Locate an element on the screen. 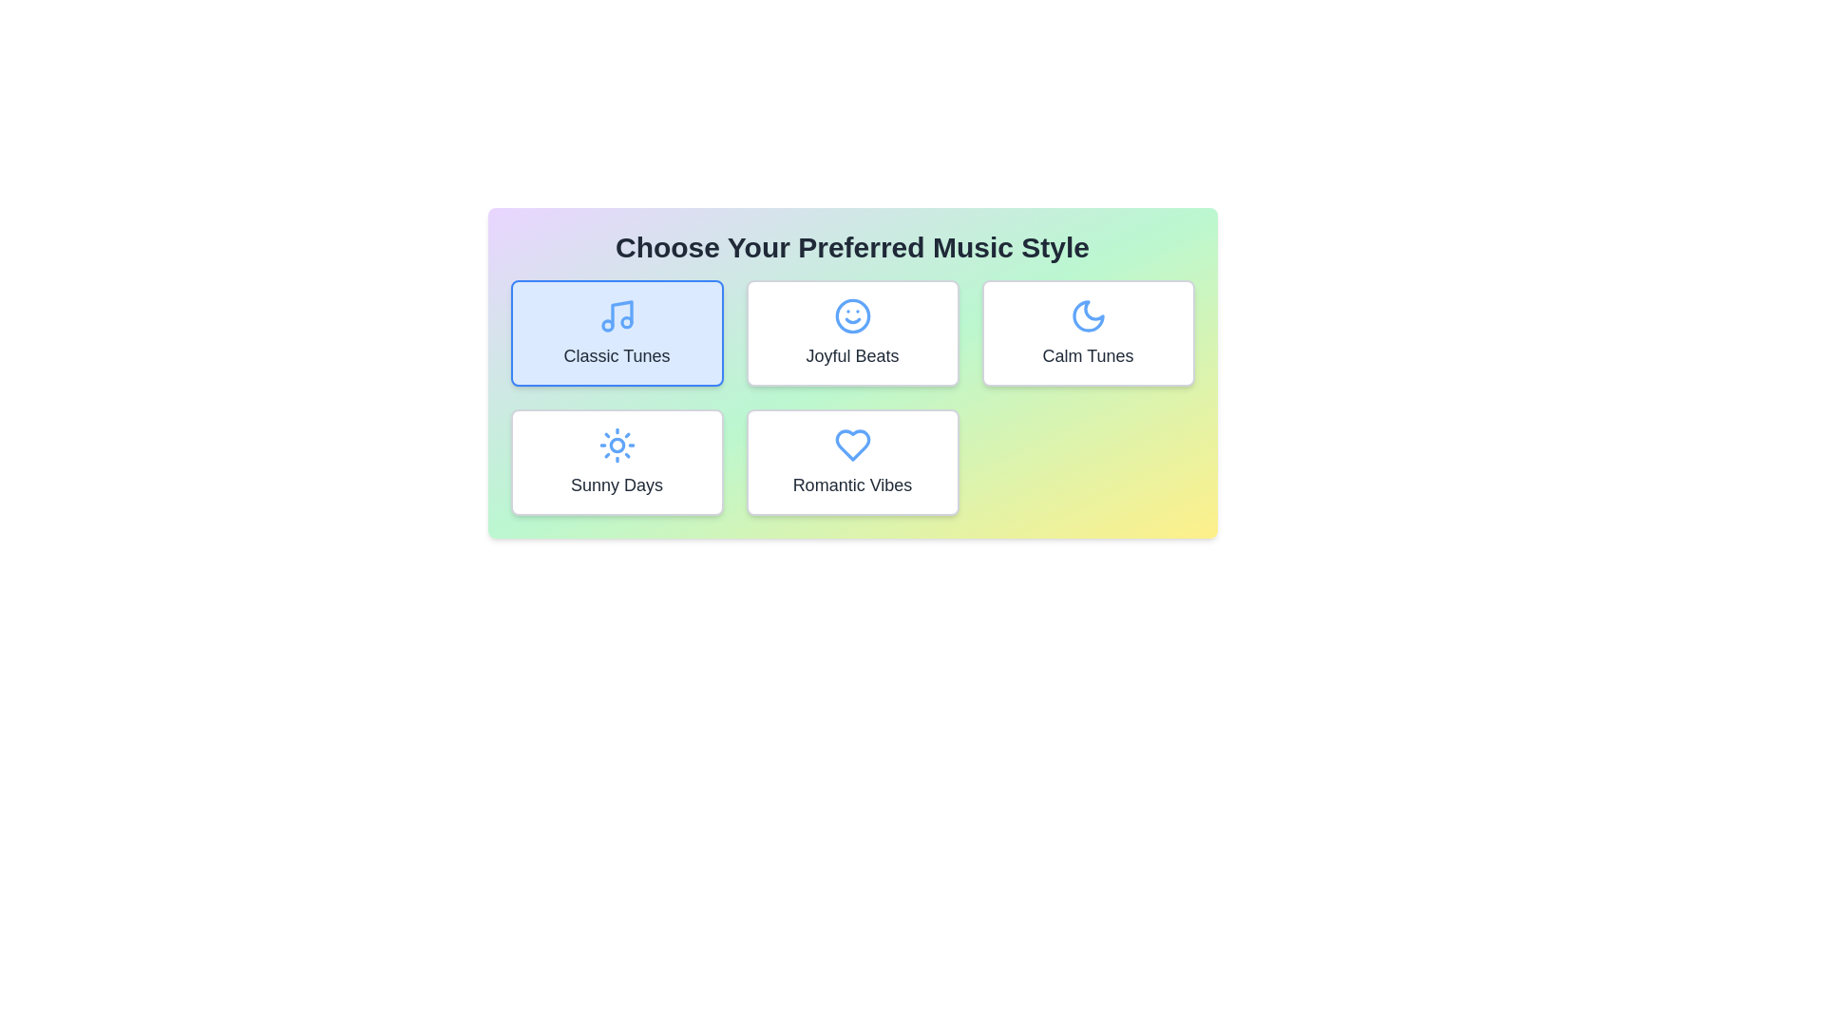 The height and width of the screenshot is (1026, 1824). the 'Romantic Vibes' selectable card, which is a rectangular box with rounded corners, featuring a blue outlined heart icon and a white background, located in the bottom row, middle column of the grid layout is located at coordinates (851, 462).